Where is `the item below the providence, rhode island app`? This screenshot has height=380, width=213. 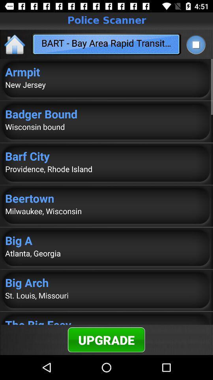 the item below the providence, rhode island app is located at coordinates (106, 198).